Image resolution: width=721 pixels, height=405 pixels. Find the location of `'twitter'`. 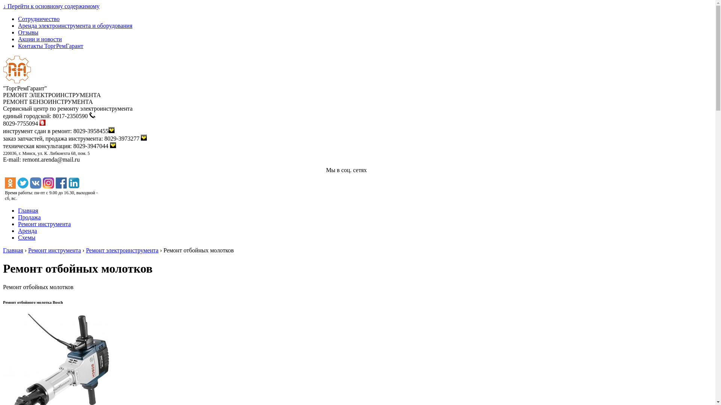

'twitter' is located at coordinates (23, 183).